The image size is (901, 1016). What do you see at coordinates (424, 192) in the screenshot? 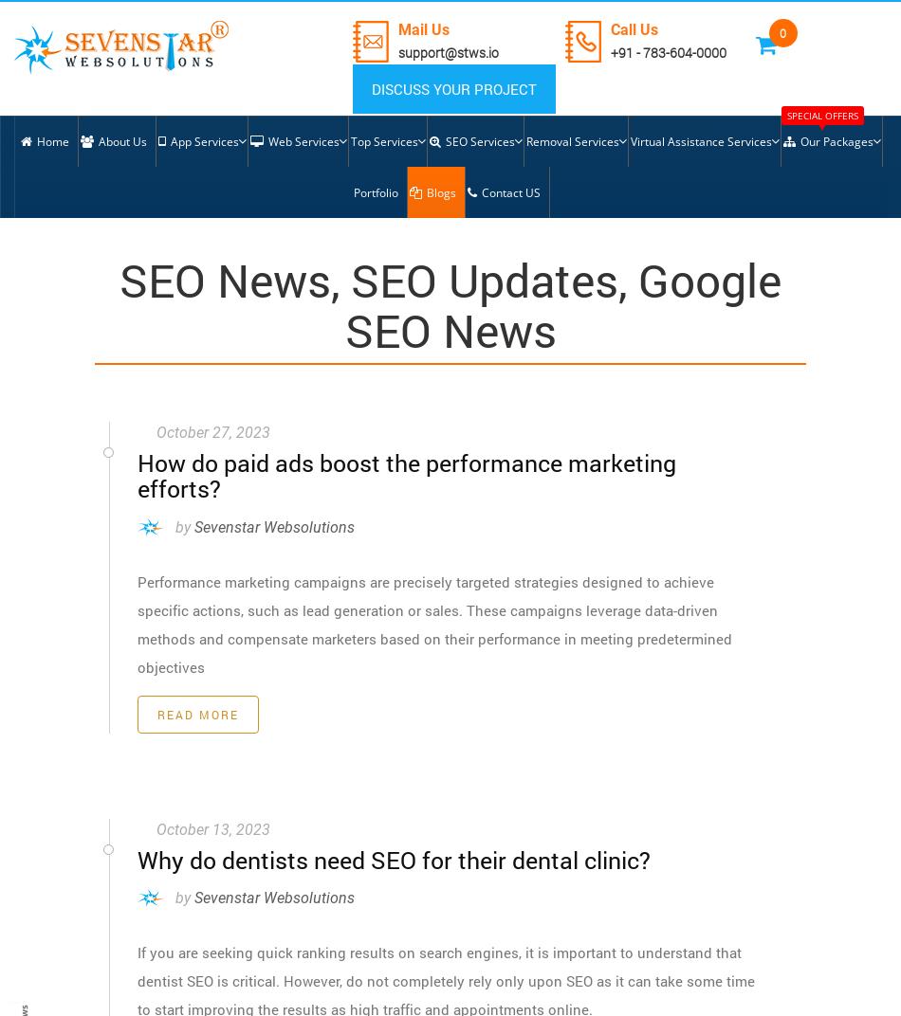
I see `'Blogs'` at bounding box center [424, 192].